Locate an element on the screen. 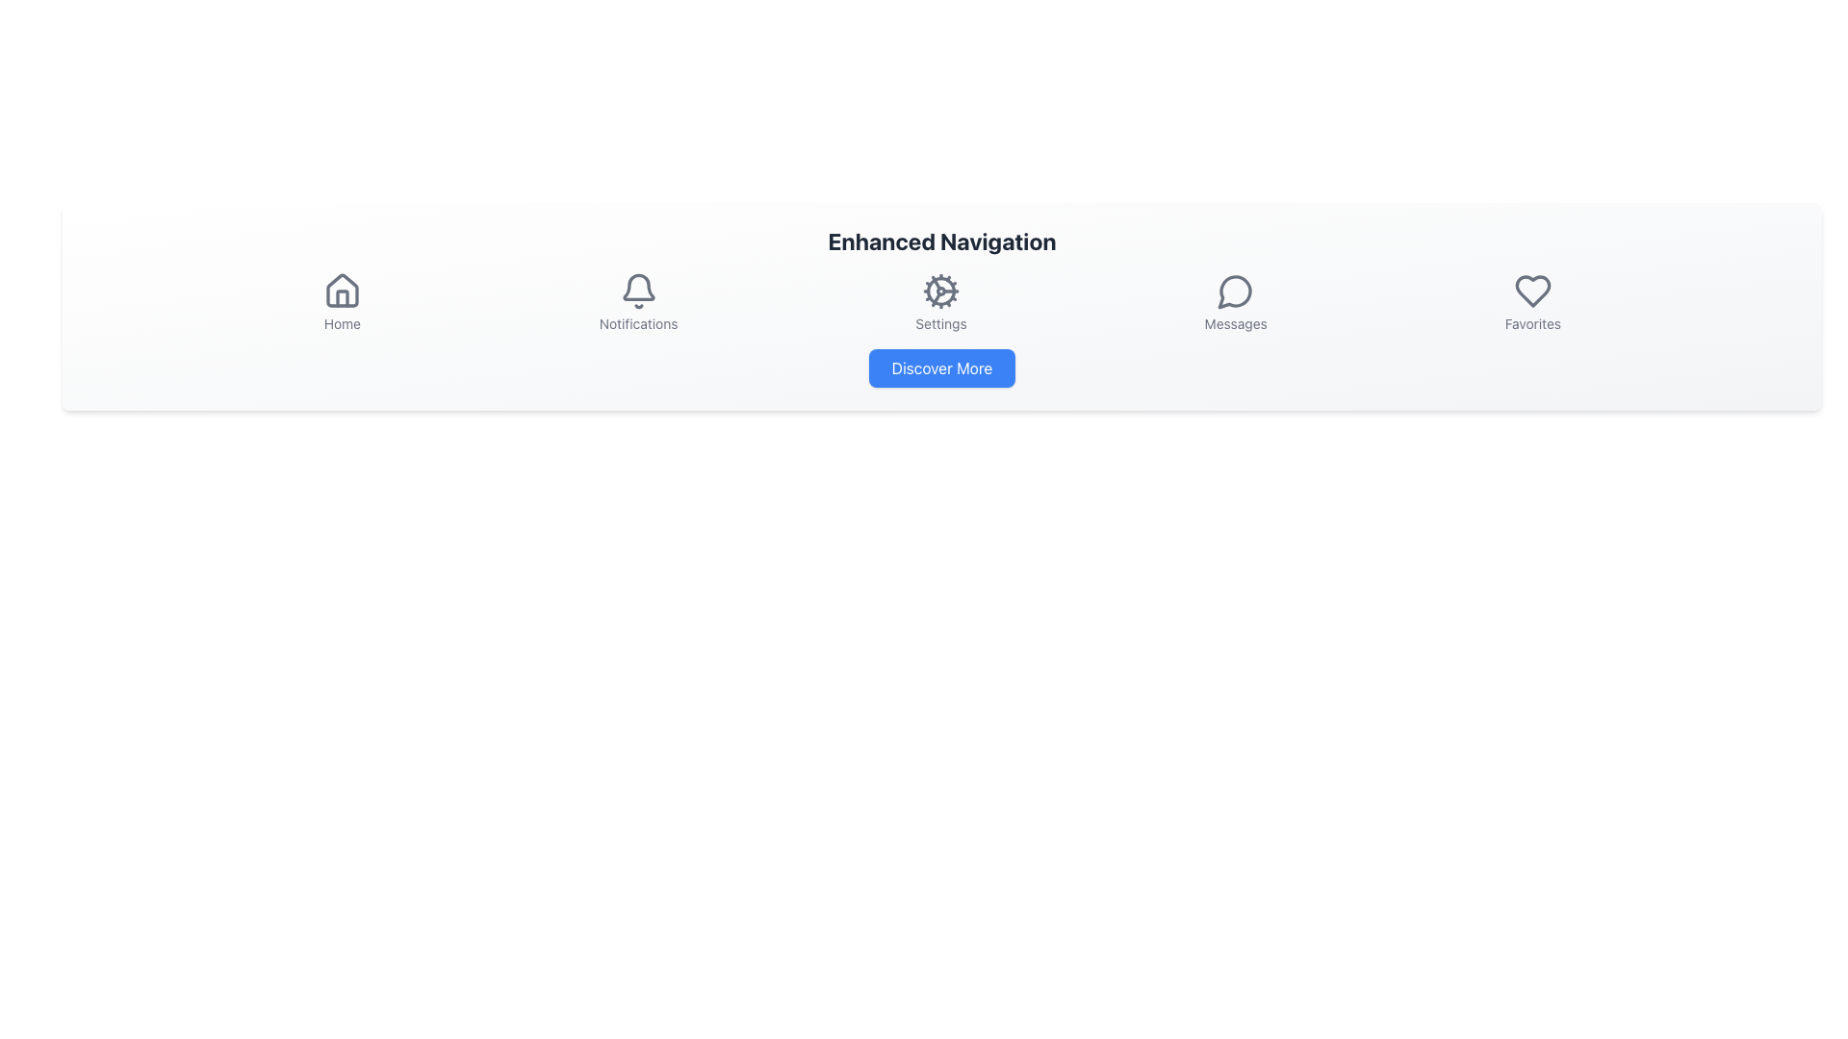 This screenshot has width=1848, height=1039. the notification button located in the horizontal navigation bar, which is the second element from the left is located at coordinates (638, 303).